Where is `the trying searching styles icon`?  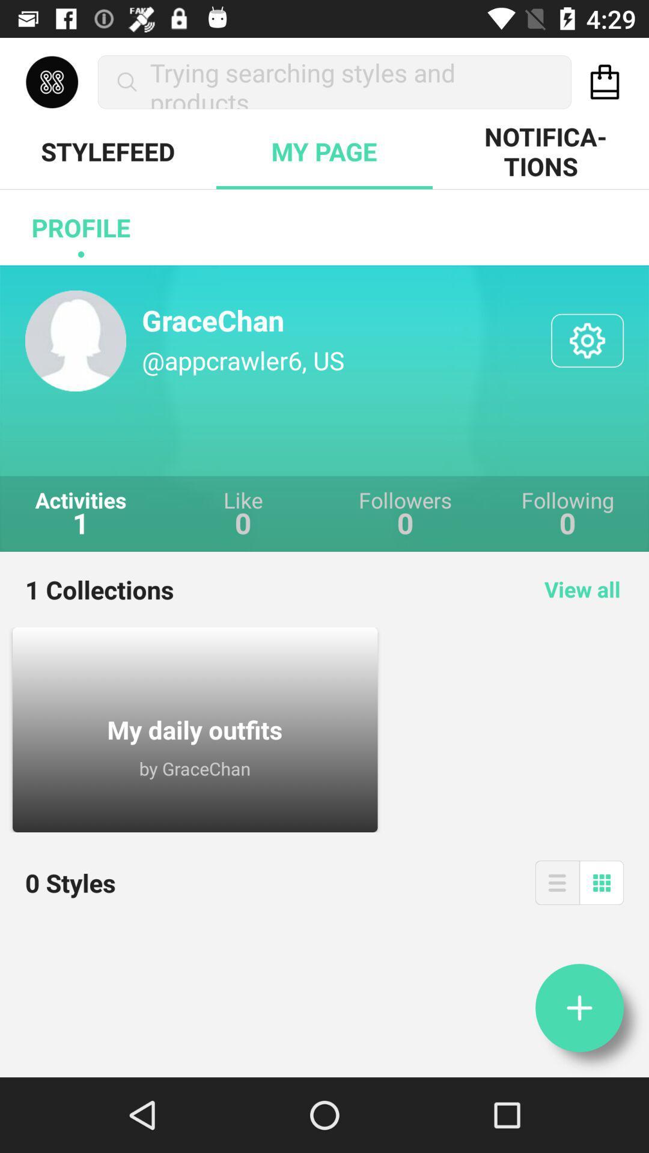 the trying searching styles icon is located at coordinates (334, 81).